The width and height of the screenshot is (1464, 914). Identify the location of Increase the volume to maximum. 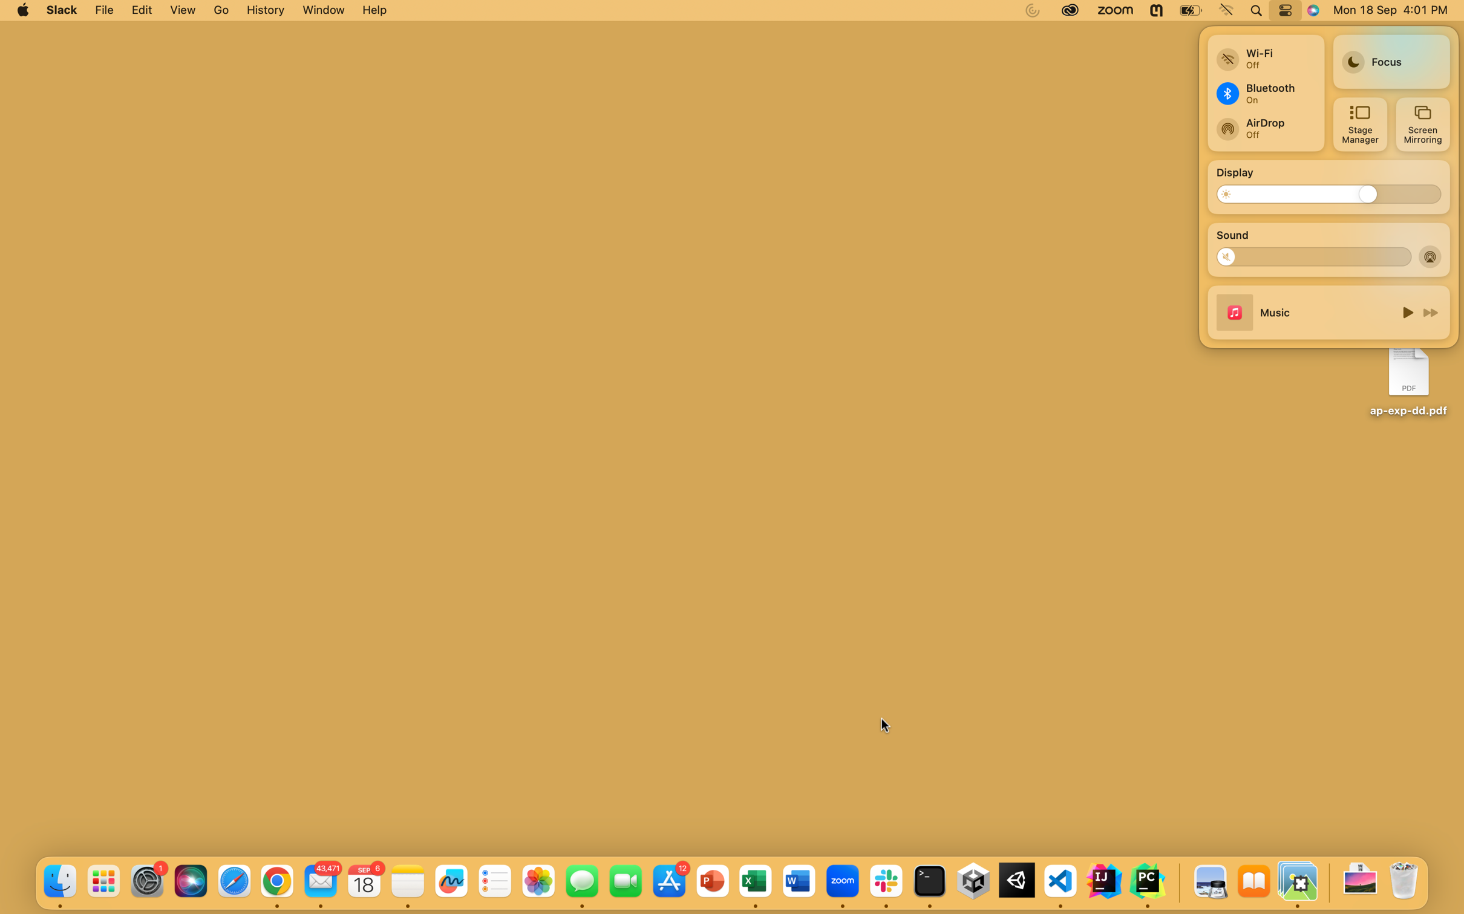
(1397, 254).